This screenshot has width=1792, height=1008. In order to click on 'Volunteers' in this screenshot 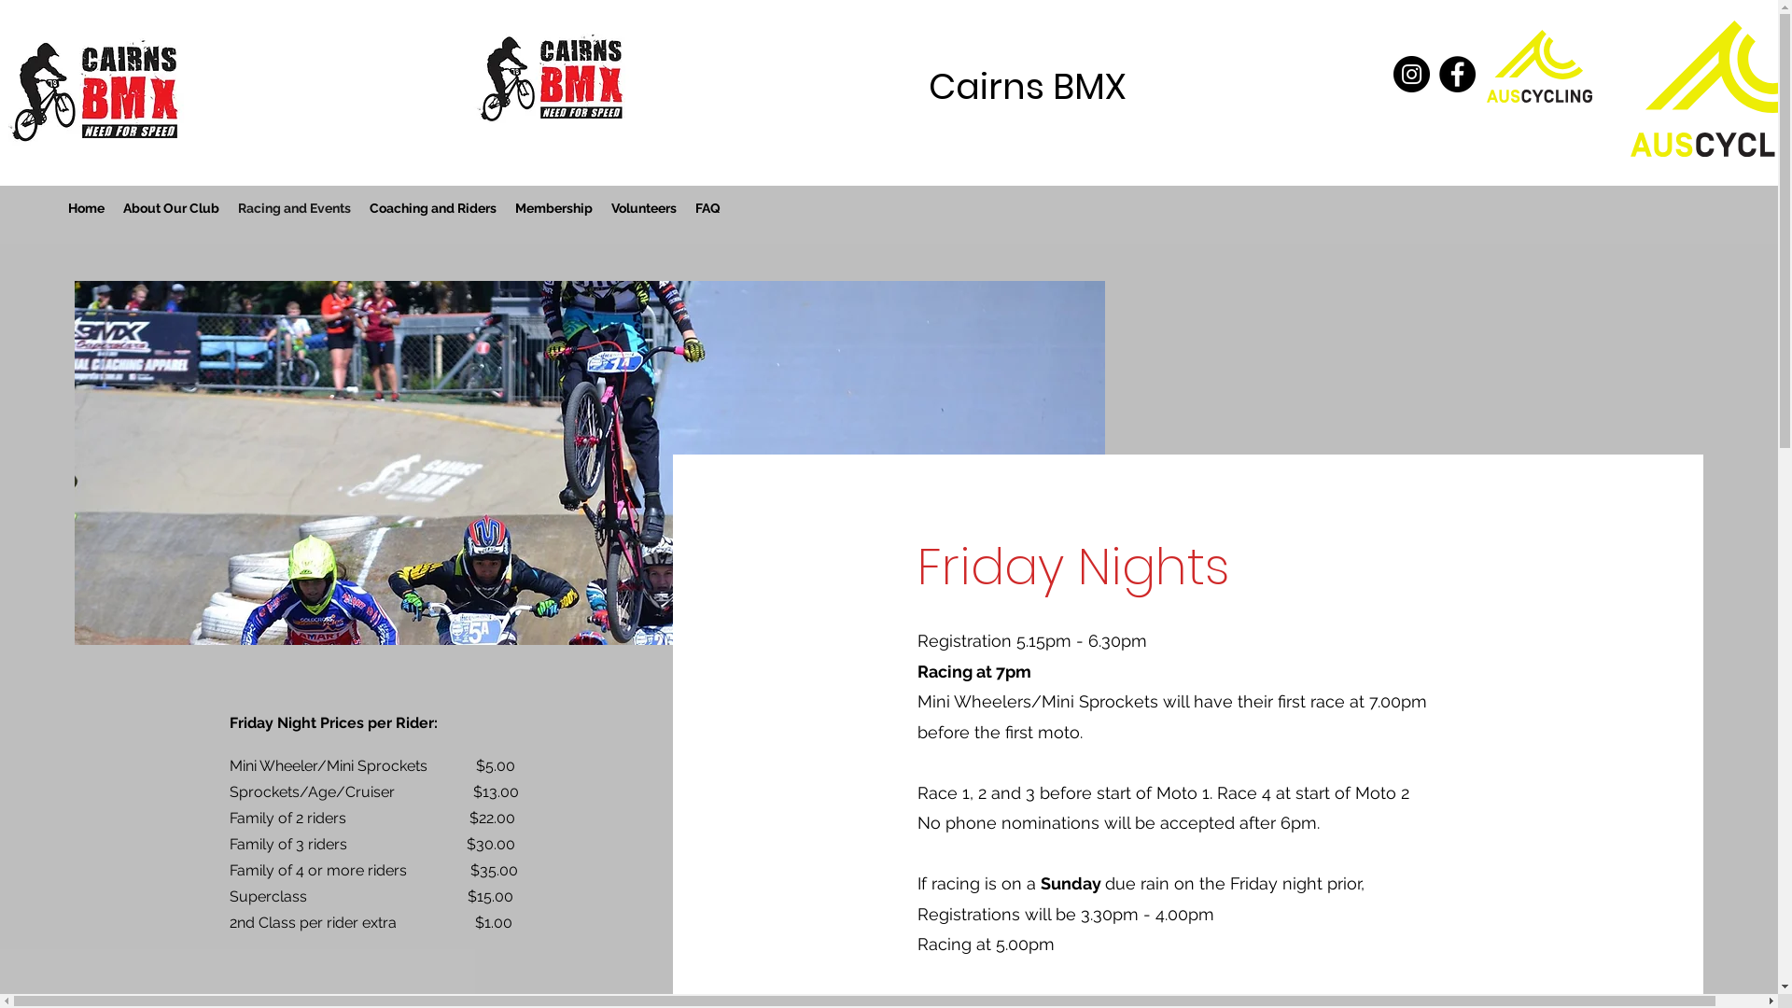, I will do `click(644, 208)`.